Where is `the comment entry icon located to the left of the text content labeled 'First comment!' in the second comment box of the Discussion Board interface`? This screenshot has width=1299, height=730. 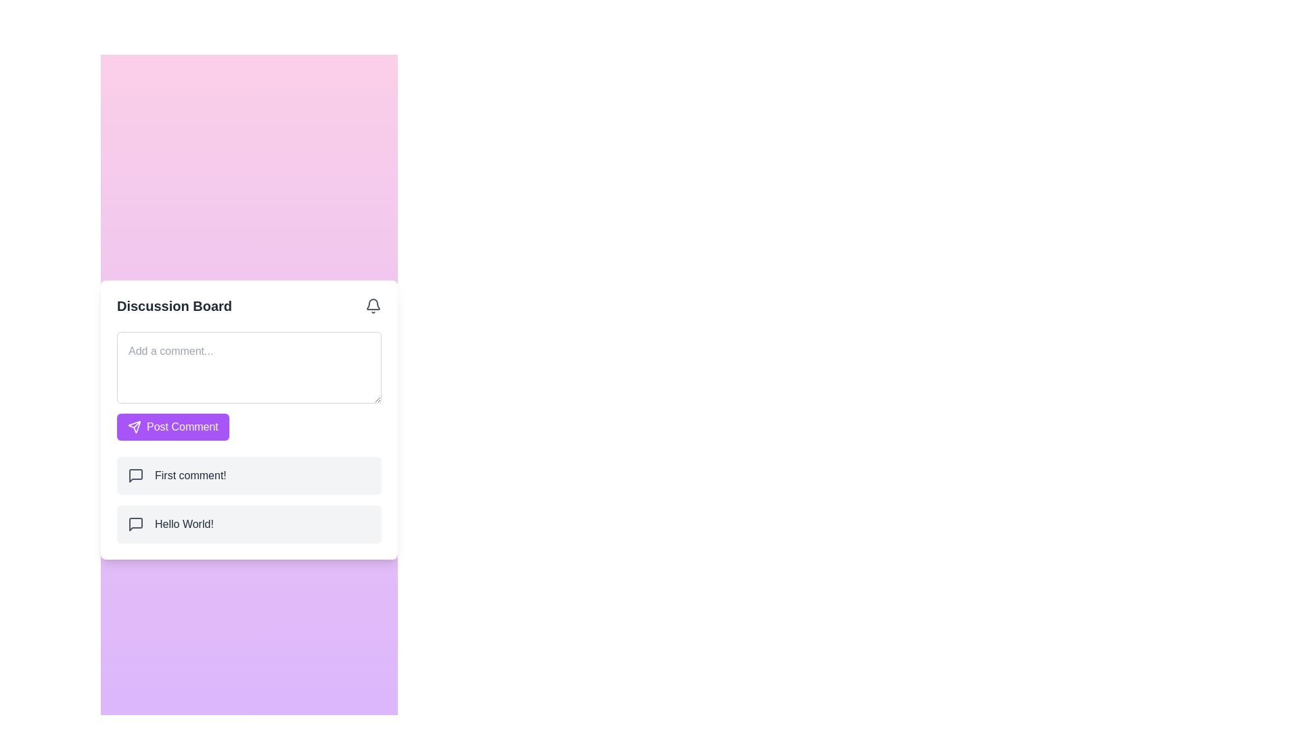 the comment entry icon located to the left of the text content labeled 'First comment!' in the second comment box of the Discussion Board interface is located at coordinates (136, 474).